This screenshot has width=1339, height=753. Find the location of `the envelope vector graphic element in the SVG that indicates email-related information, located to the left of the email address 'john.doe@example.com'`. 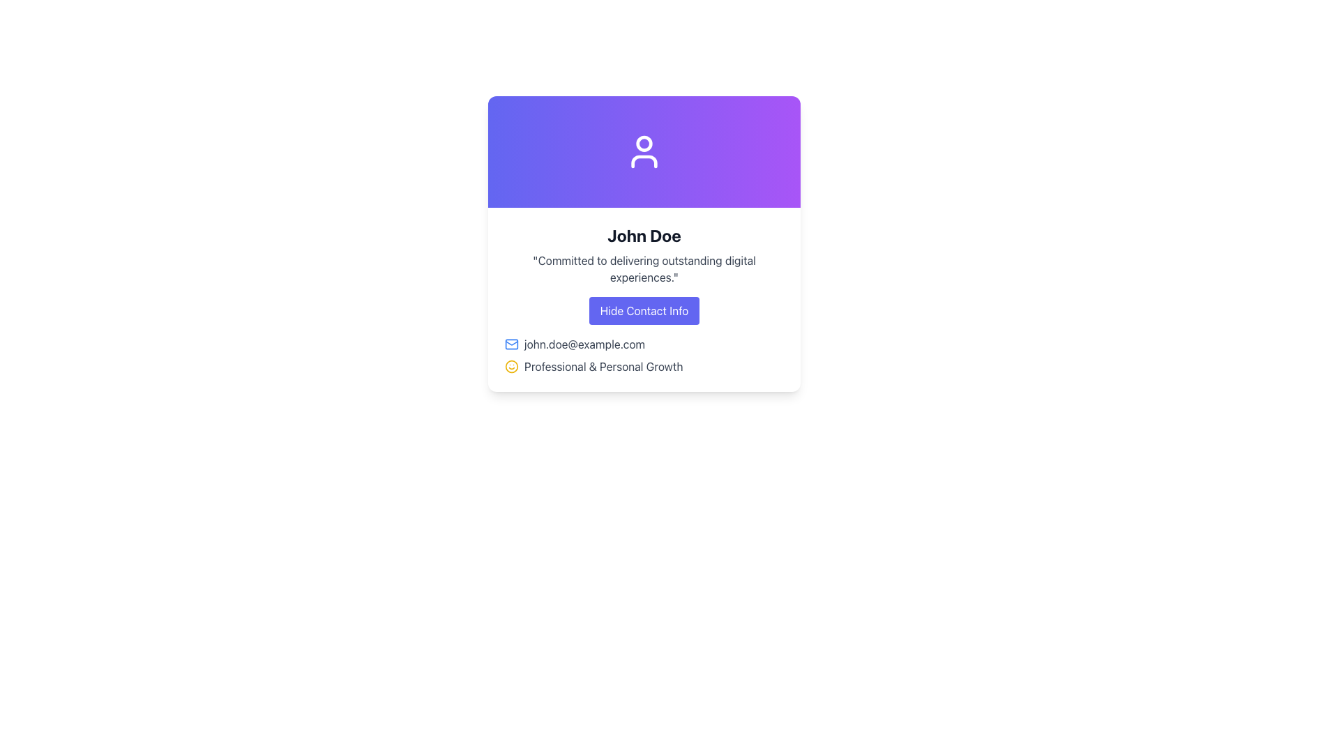

the envelope vector graphic element in the SVG that indicates email-related information, located to the left of the email address 'john.doe@example.com' is located at coordinates (511, 343).